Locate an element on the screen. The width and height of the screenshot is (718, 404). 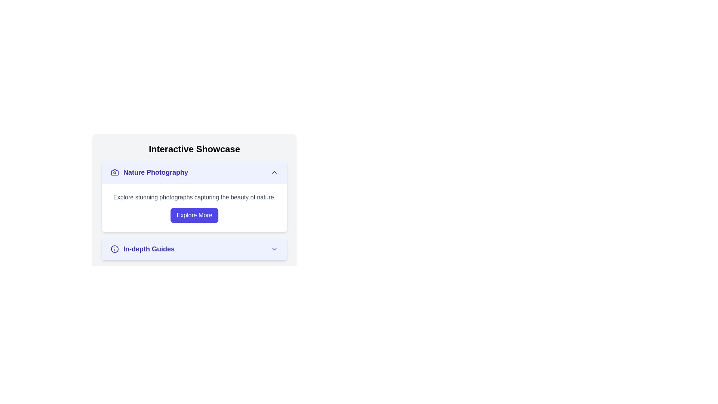
the text label displaying 'Explore stunning photographs capturing the beauty of nature.' which is located in the 'Nature Photography' section above the 'Explore More' button is located at coordinates (194, 197).